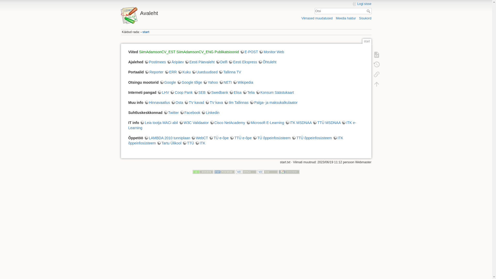  Describe the element at coordinates (204, 72) in the screenshot. I see `'Uueduudised'` at that location.